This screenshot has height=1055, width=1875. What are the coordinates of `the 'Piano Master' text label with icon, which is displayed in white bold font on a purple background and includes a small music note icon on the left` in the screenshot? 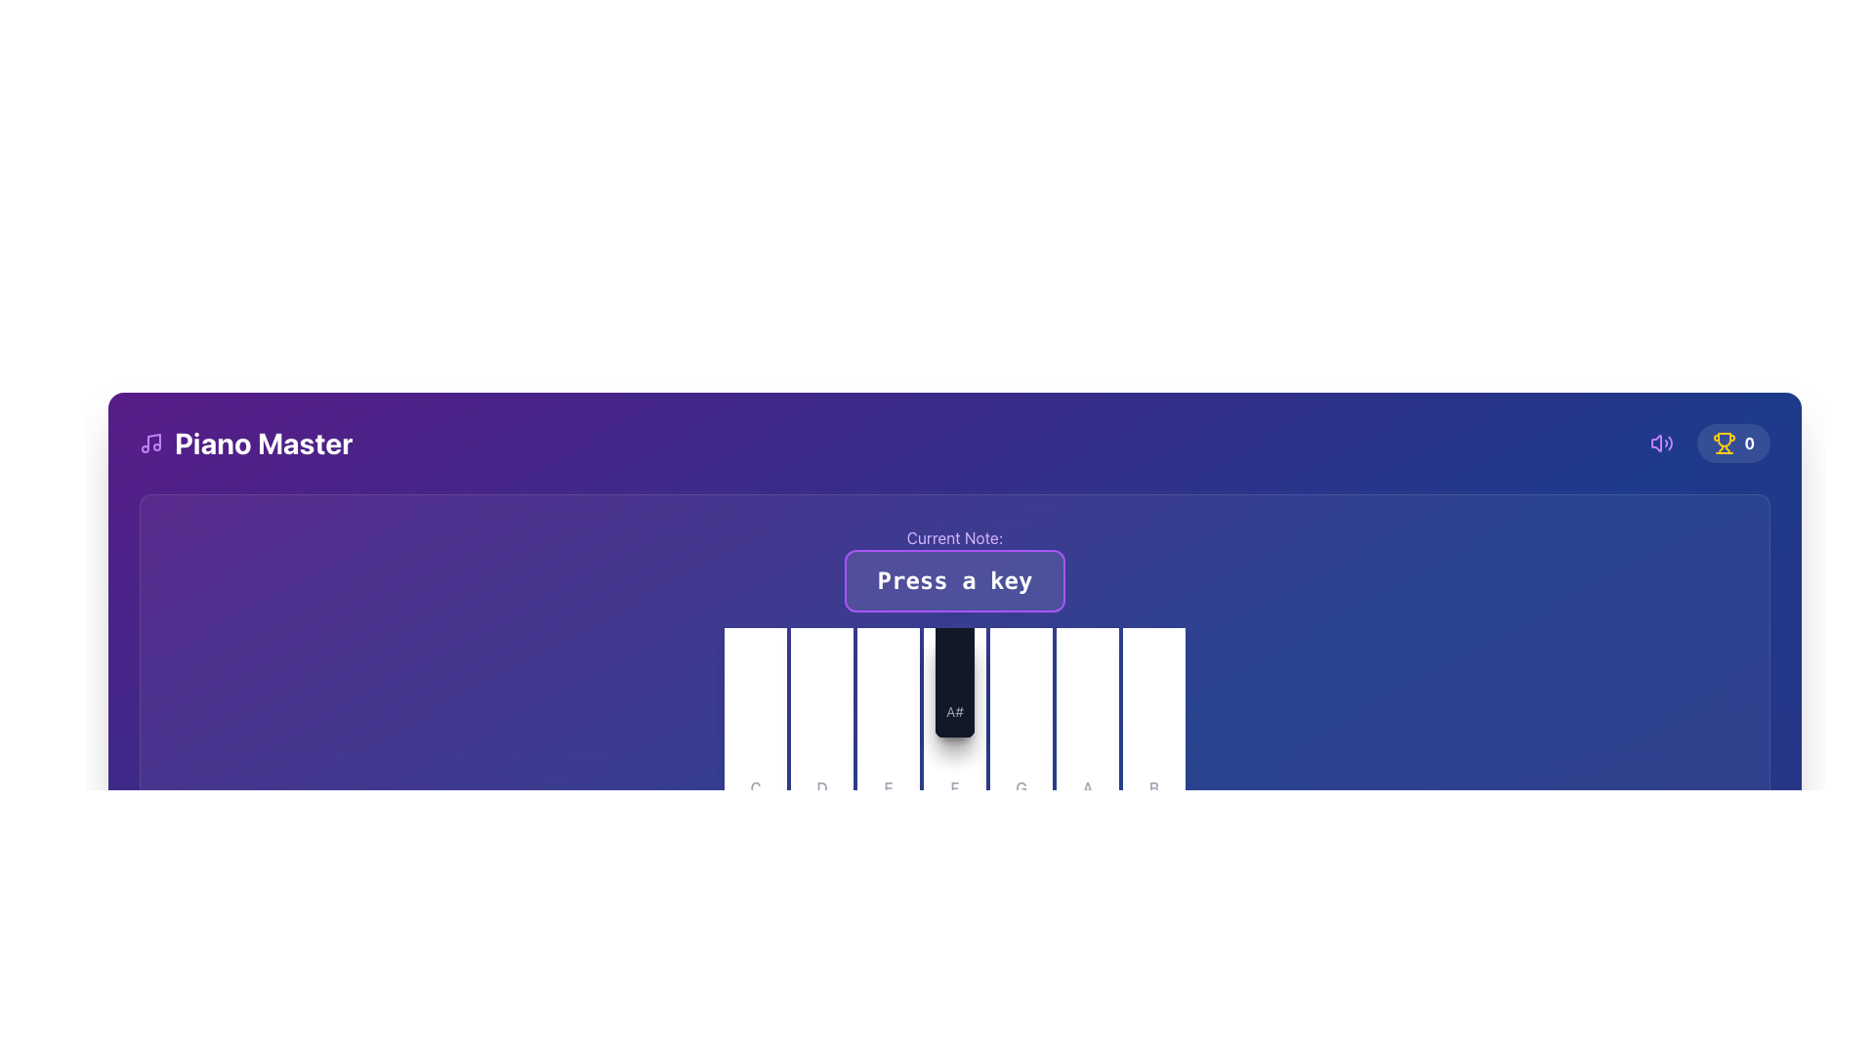 It's located at (245, 443).